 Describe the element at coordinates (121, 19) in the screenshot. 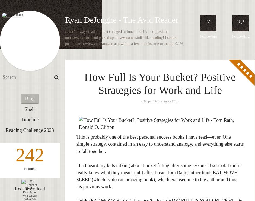

I see `'Ryan DeJonghe - The Avid Reader'` at that location.